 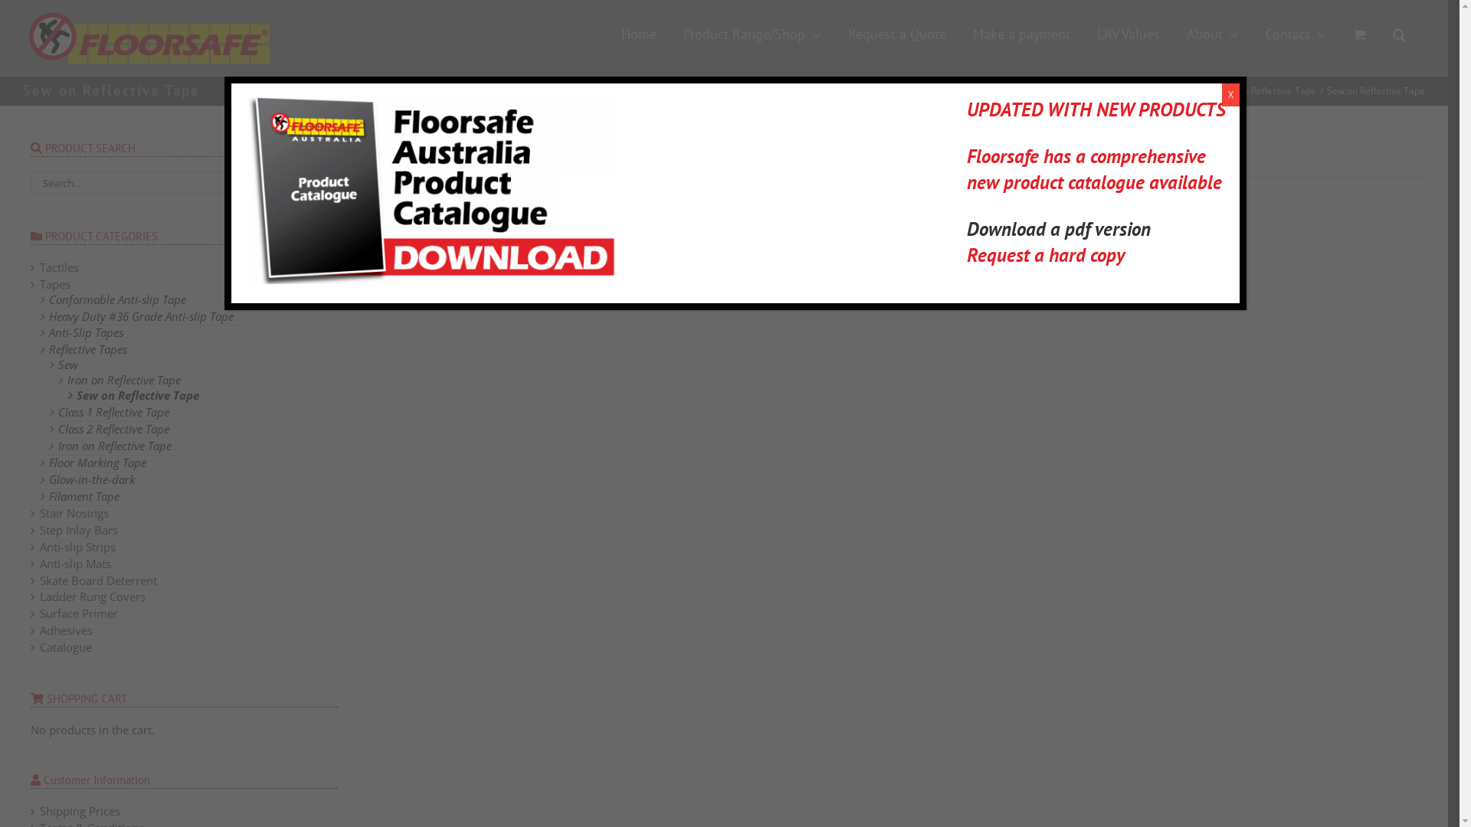 I want to click on 'Step Inlay Bars', so click(x=40, y=528).